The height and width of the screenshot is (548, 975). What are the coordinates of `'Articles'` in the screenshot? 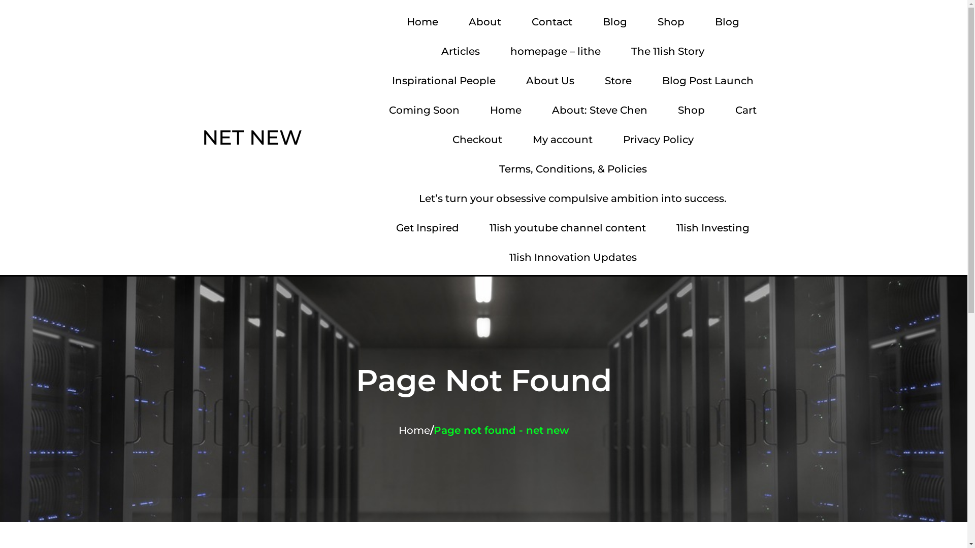 It's located at (460, 51).